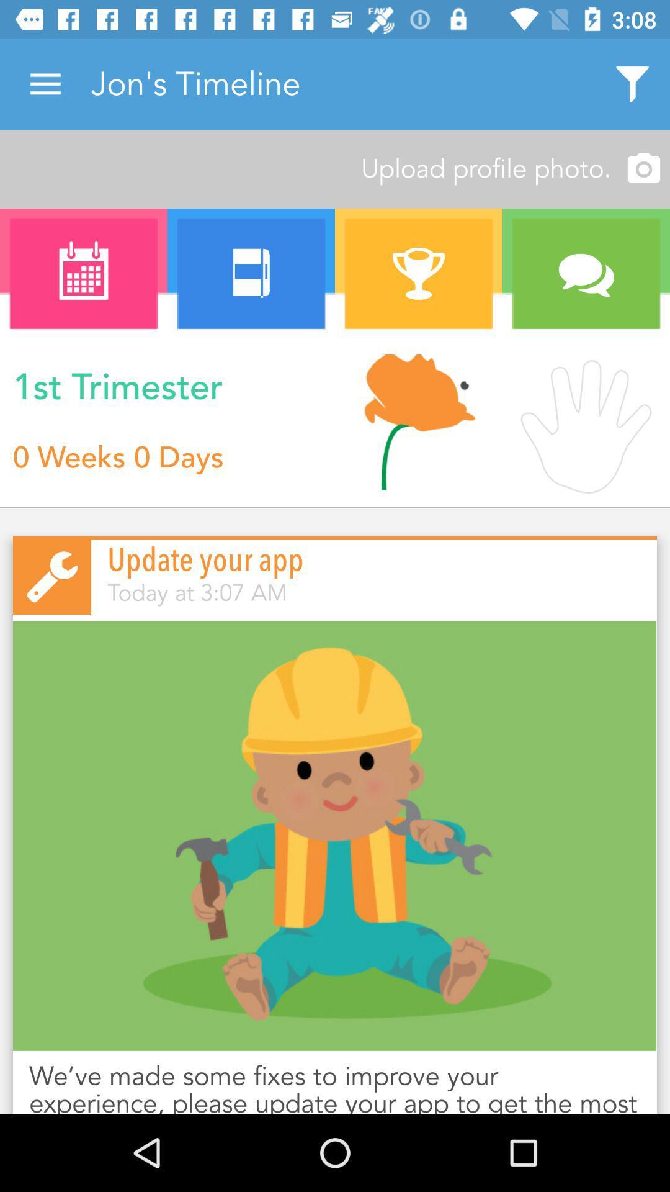 Image resolution: width=670 pixels, height=1192 pixels. I want to click on icon next to the jon's timeline, so click(45, 84).